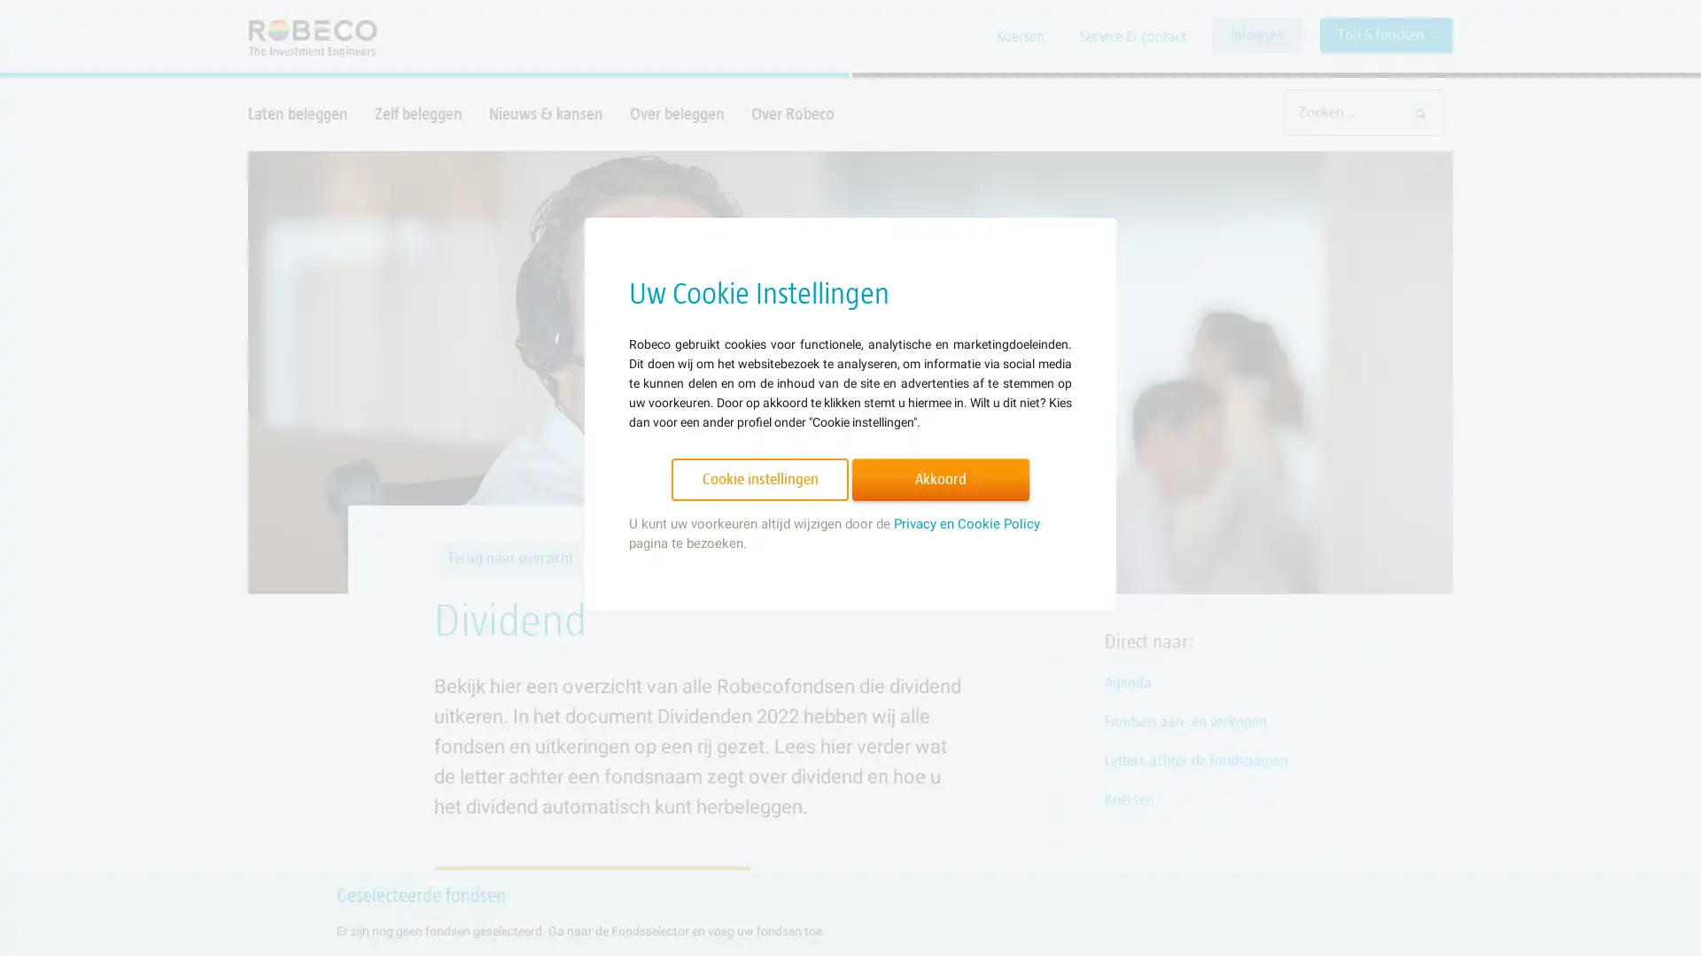 This screenshot has width=1701, height=956. Describe the element at coordinates (545, 113) in the screenshot. I see `Nieuws & kansen` at that location.